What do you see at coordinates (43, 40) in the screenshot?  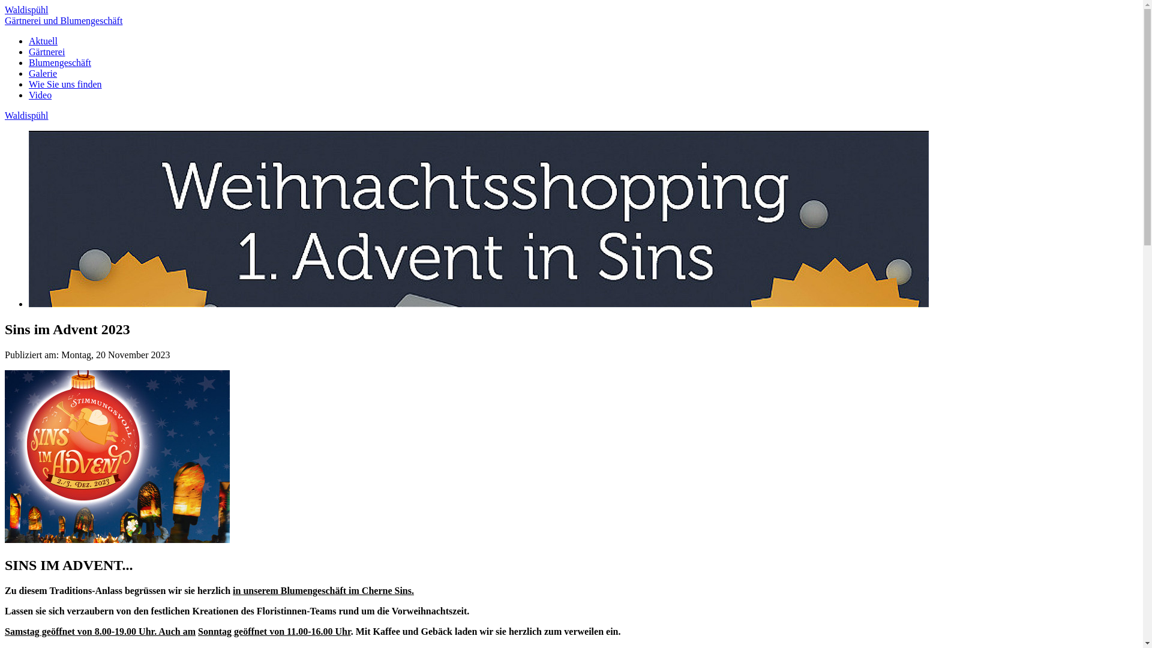 I see `'Aktuell'` at bounding box center [43, 40].